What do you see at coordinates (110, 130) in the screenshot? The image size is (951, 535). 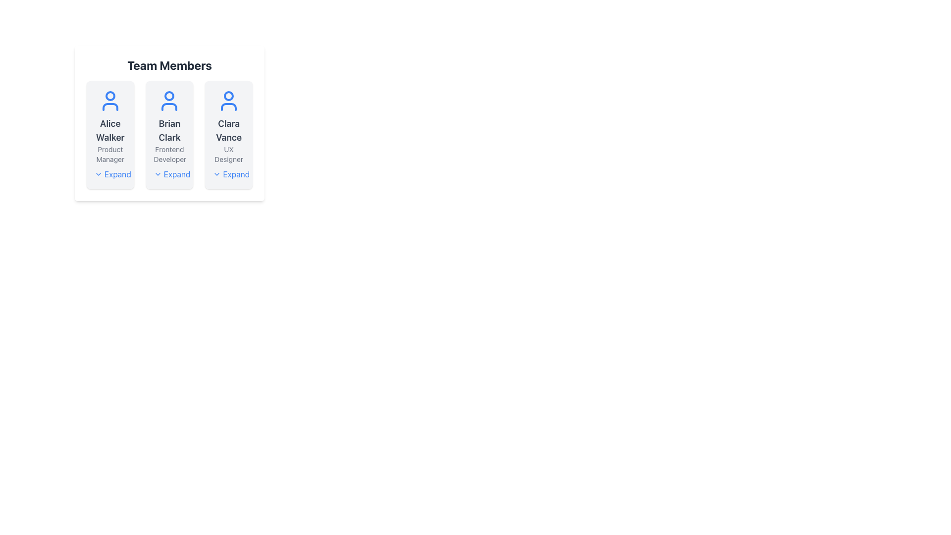 I see `the Text Label displaying the name of the team member in the first profile card of the 'Team Members' section, which is located below the user icon and above the 'Product Manager' title` at bounding box center [110, 130].